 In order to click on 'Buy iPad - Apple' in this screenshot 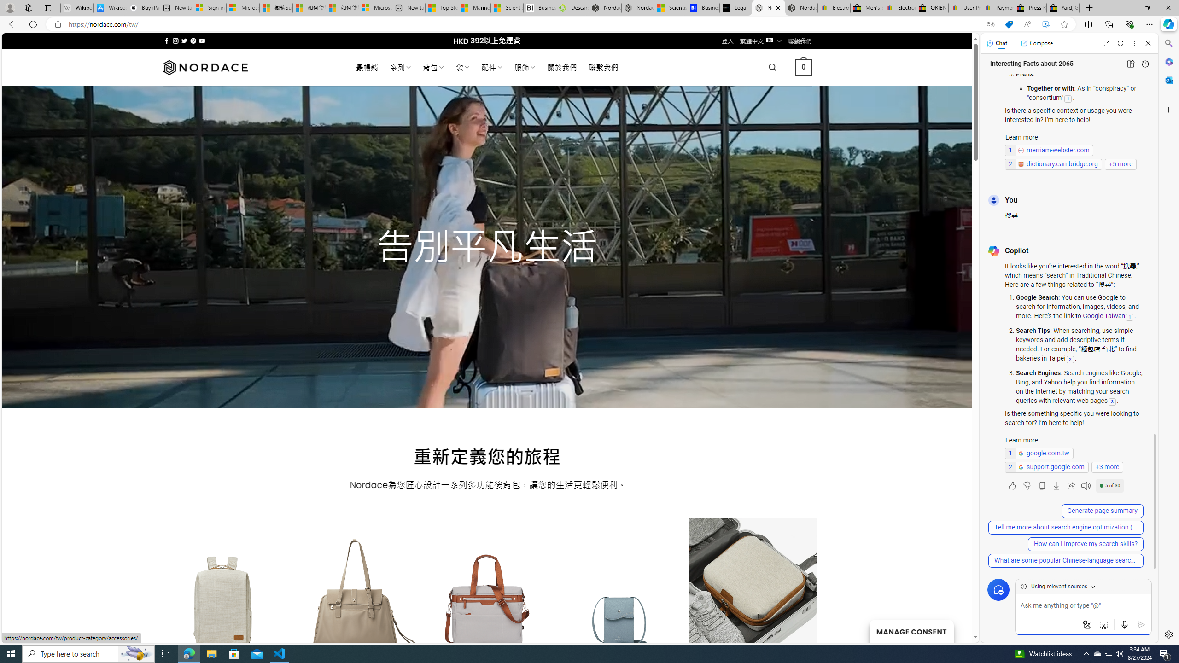, I will do `click(143, 7)`.